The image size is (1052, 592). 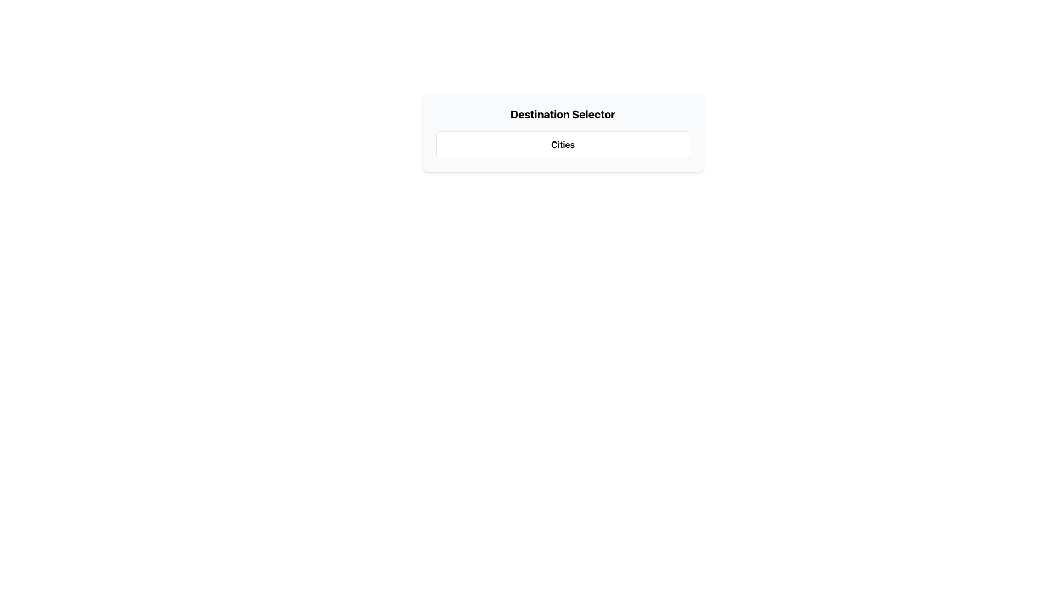 What do you see at coordinates (563, 144) in the screenshot?
I see `the static text block labeled 'Cities' located below the 'Destination Selector' title` at bounding box center [563, 144].